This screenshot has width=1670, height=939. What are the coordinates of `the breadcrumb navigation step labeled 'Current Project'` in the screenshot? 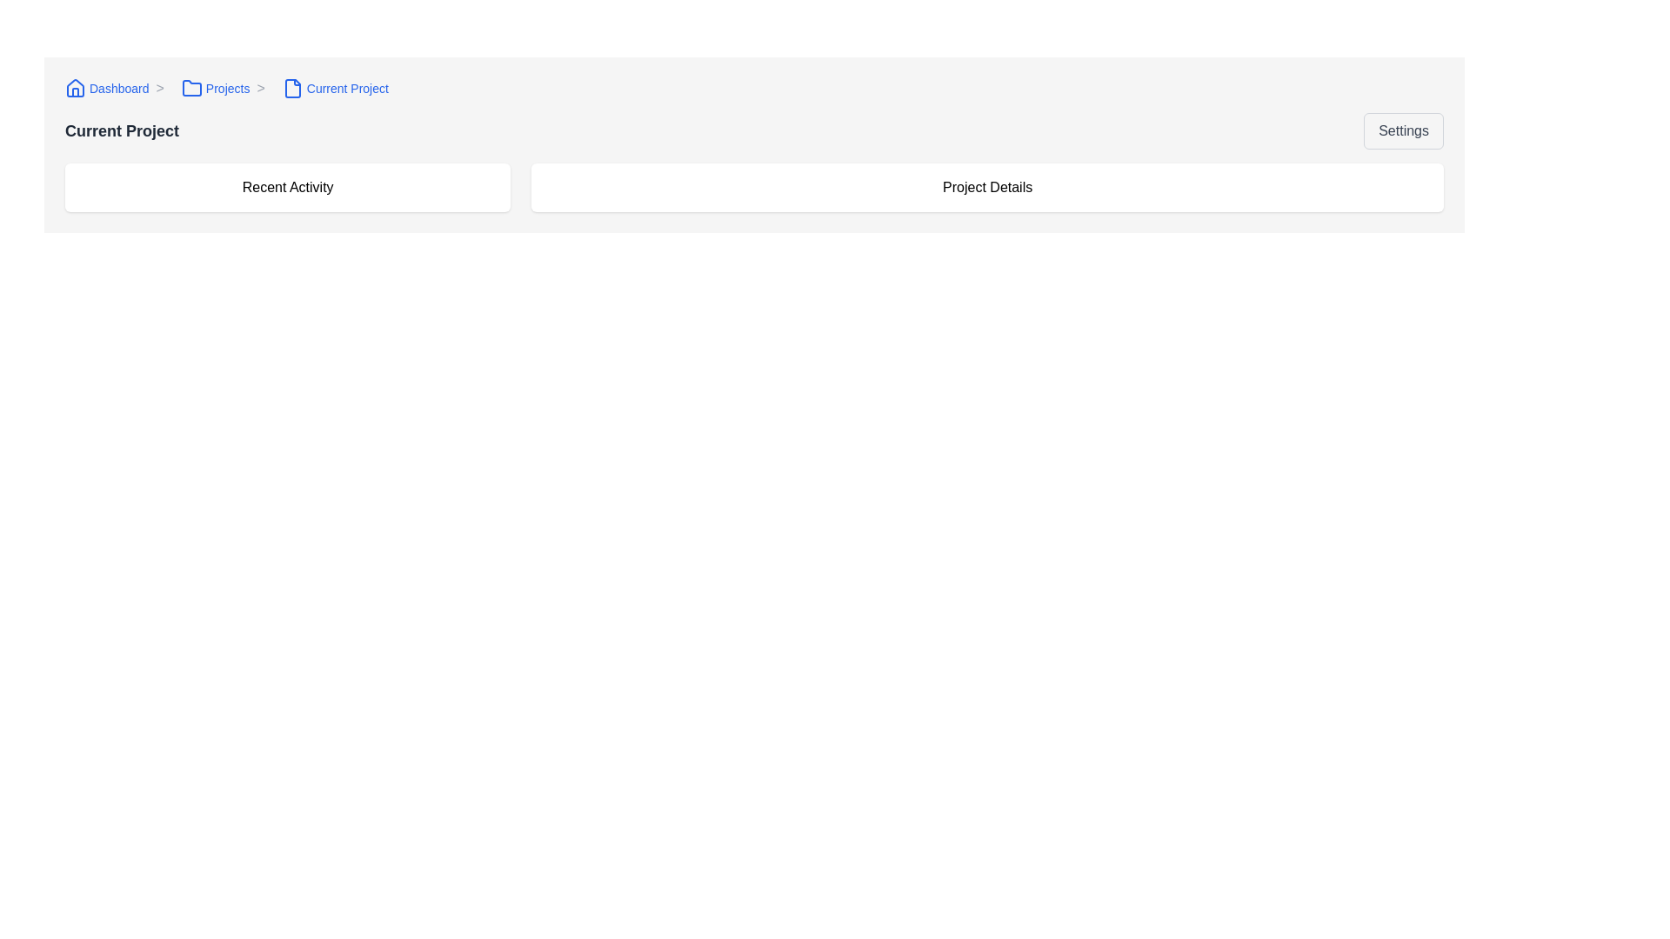 It's located at (335, 88).